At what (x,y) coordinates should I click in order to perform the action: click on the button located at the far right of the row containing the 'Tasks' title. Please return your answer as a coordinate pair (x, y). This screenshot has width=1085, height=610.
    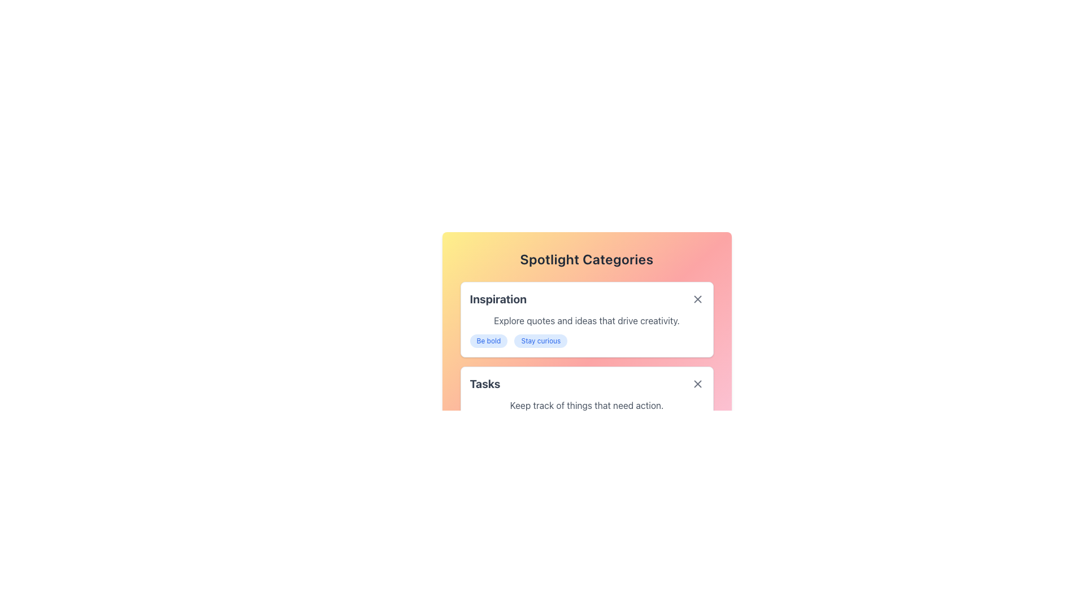
    Looking at the image, I should click on (697, 383).